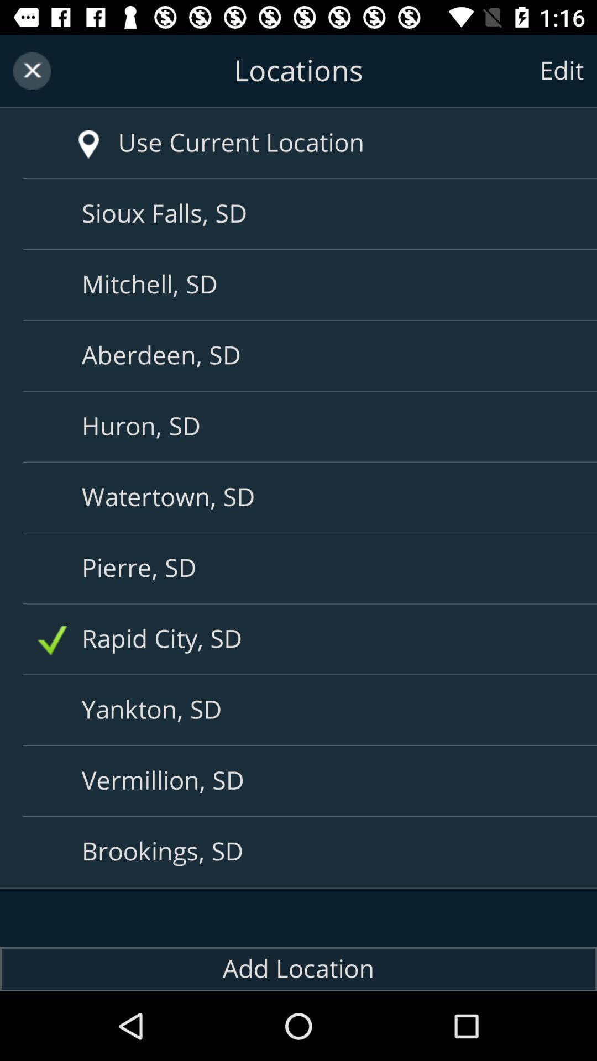 The image size is (597, 1061). Describe the element at coordinates (72, 133) in the screenshot. I see `the explore icon` at that location.